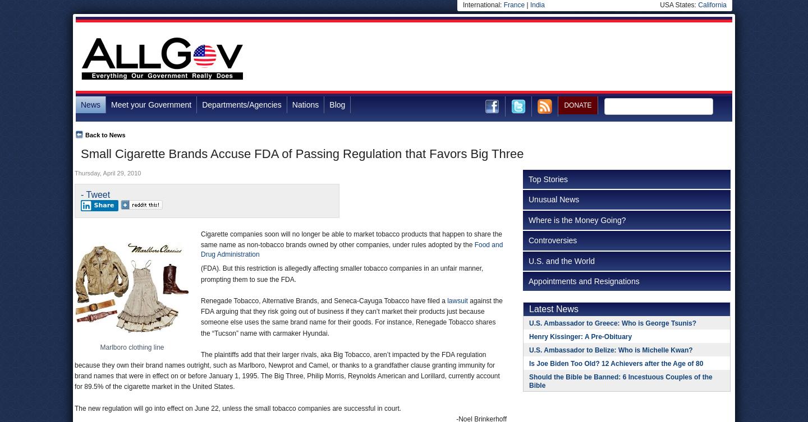 The width and height of the screenshot is (808, 422). I want to click on 'Appointments and Resignations', so click(584, 280).